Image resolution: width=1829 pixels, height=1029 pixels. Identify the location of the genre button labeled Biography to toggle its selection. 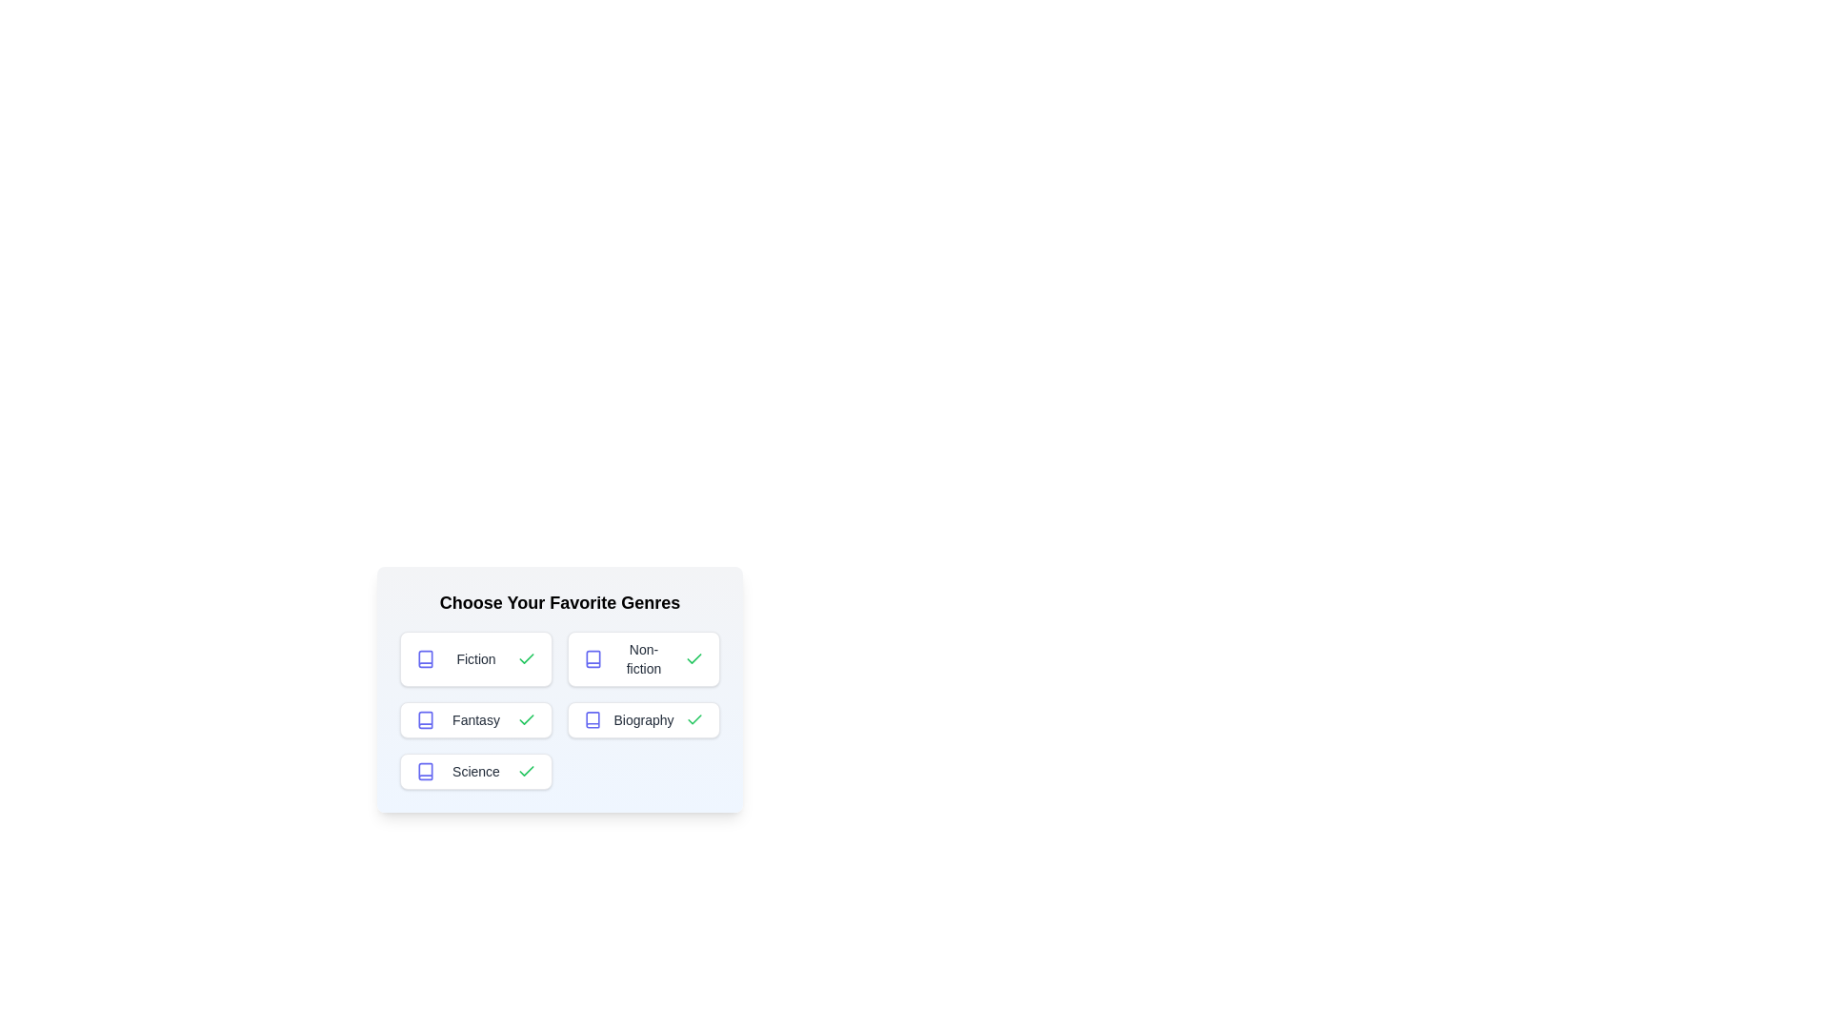
(644, 720).